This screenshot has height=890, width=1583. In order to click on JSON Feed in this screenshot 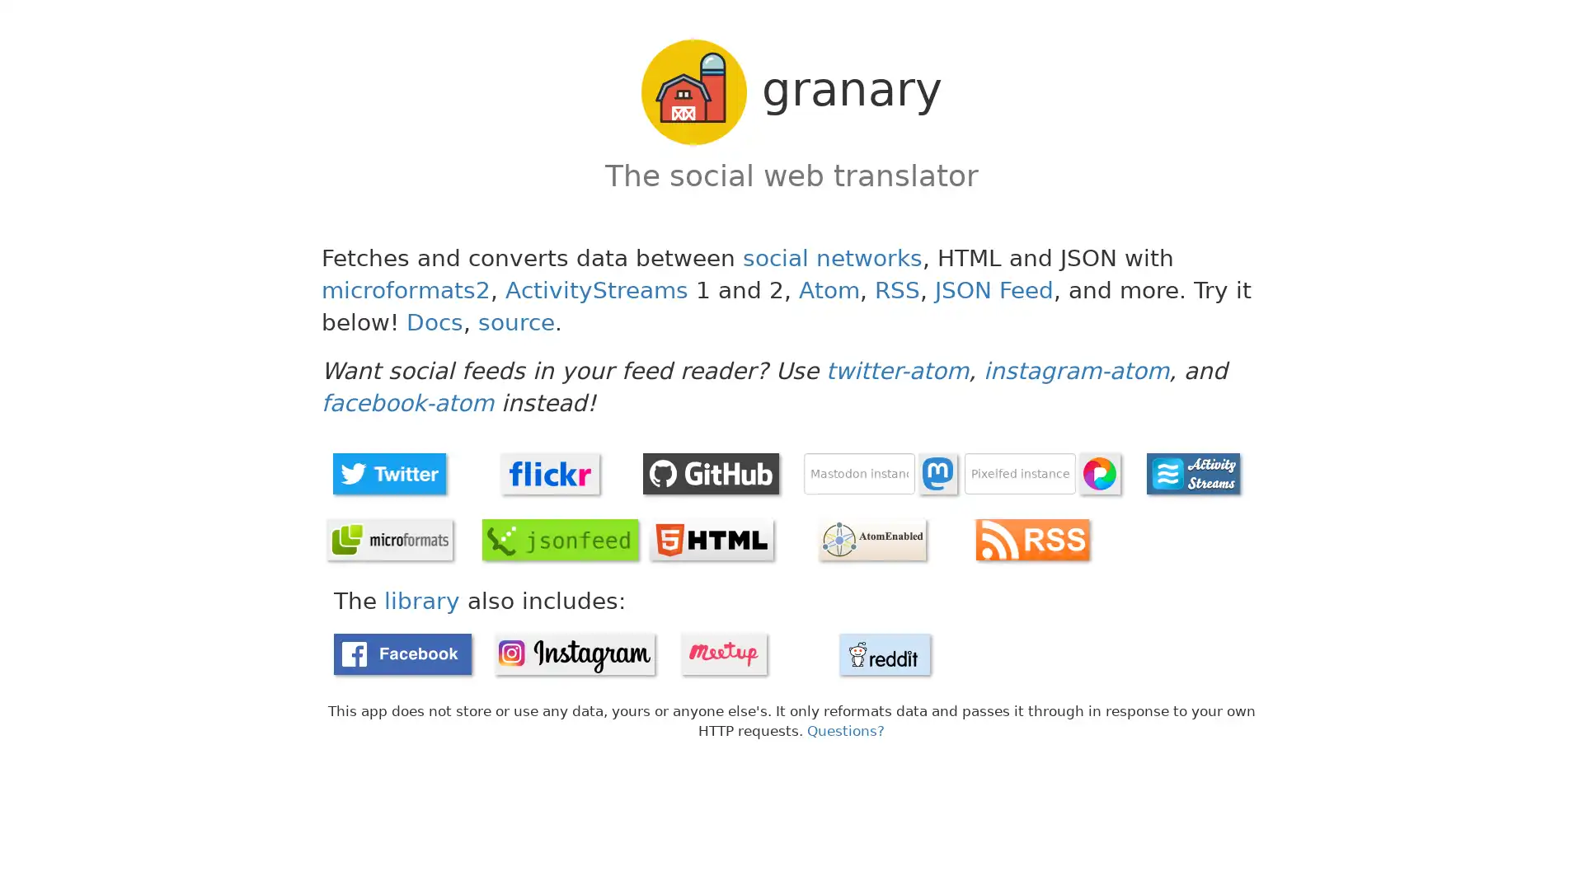, I will do `click(560, 539)`.